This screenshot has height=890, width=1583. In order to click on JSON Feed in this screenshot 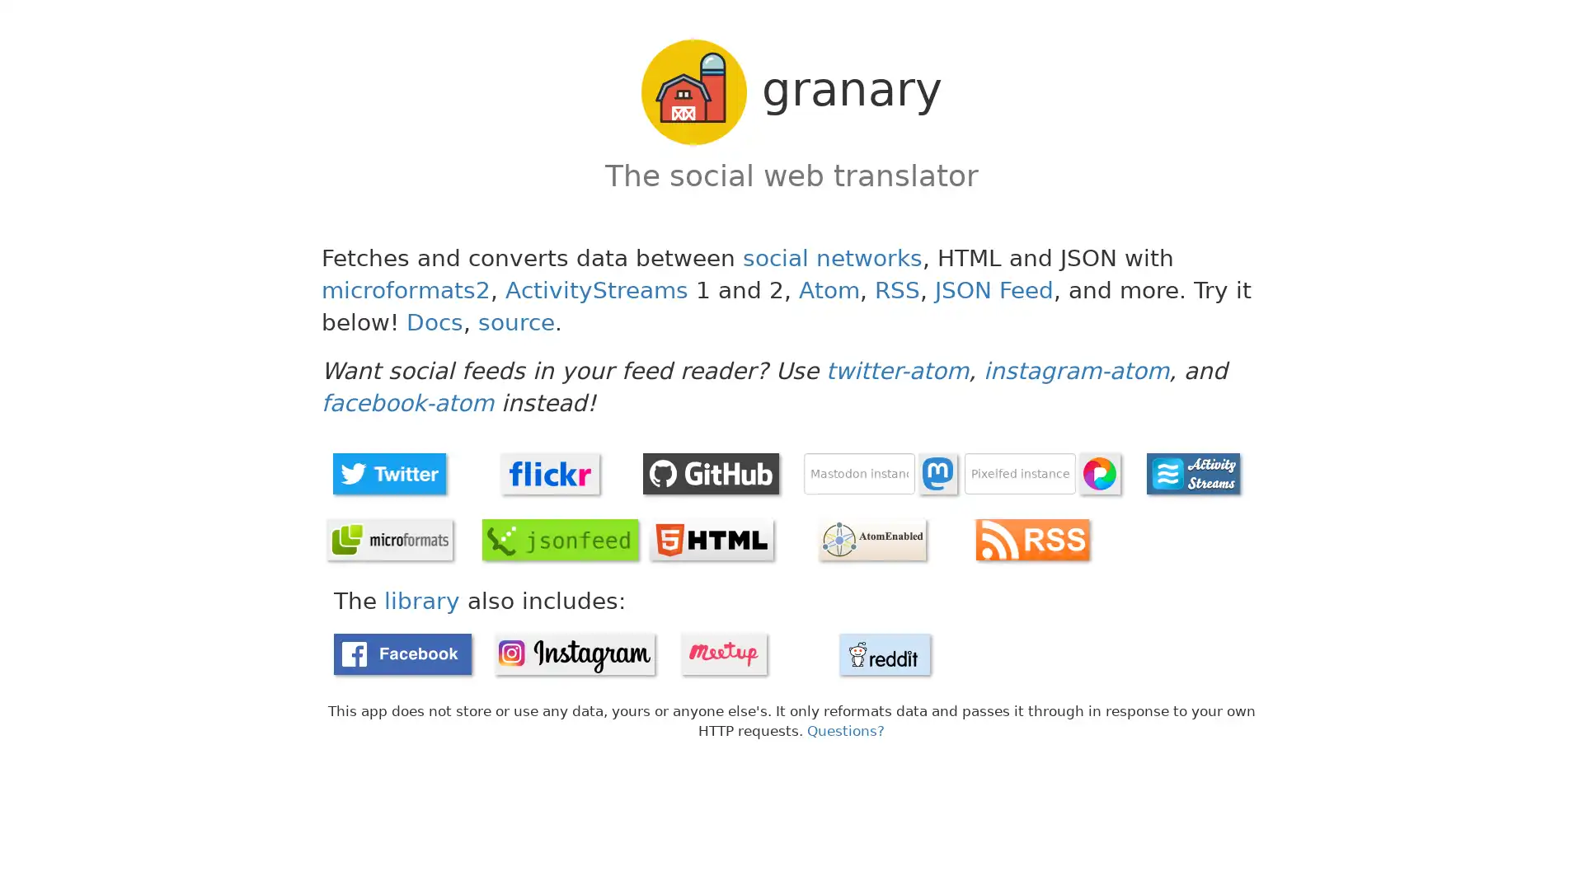, I will do `click(560, 539)`.